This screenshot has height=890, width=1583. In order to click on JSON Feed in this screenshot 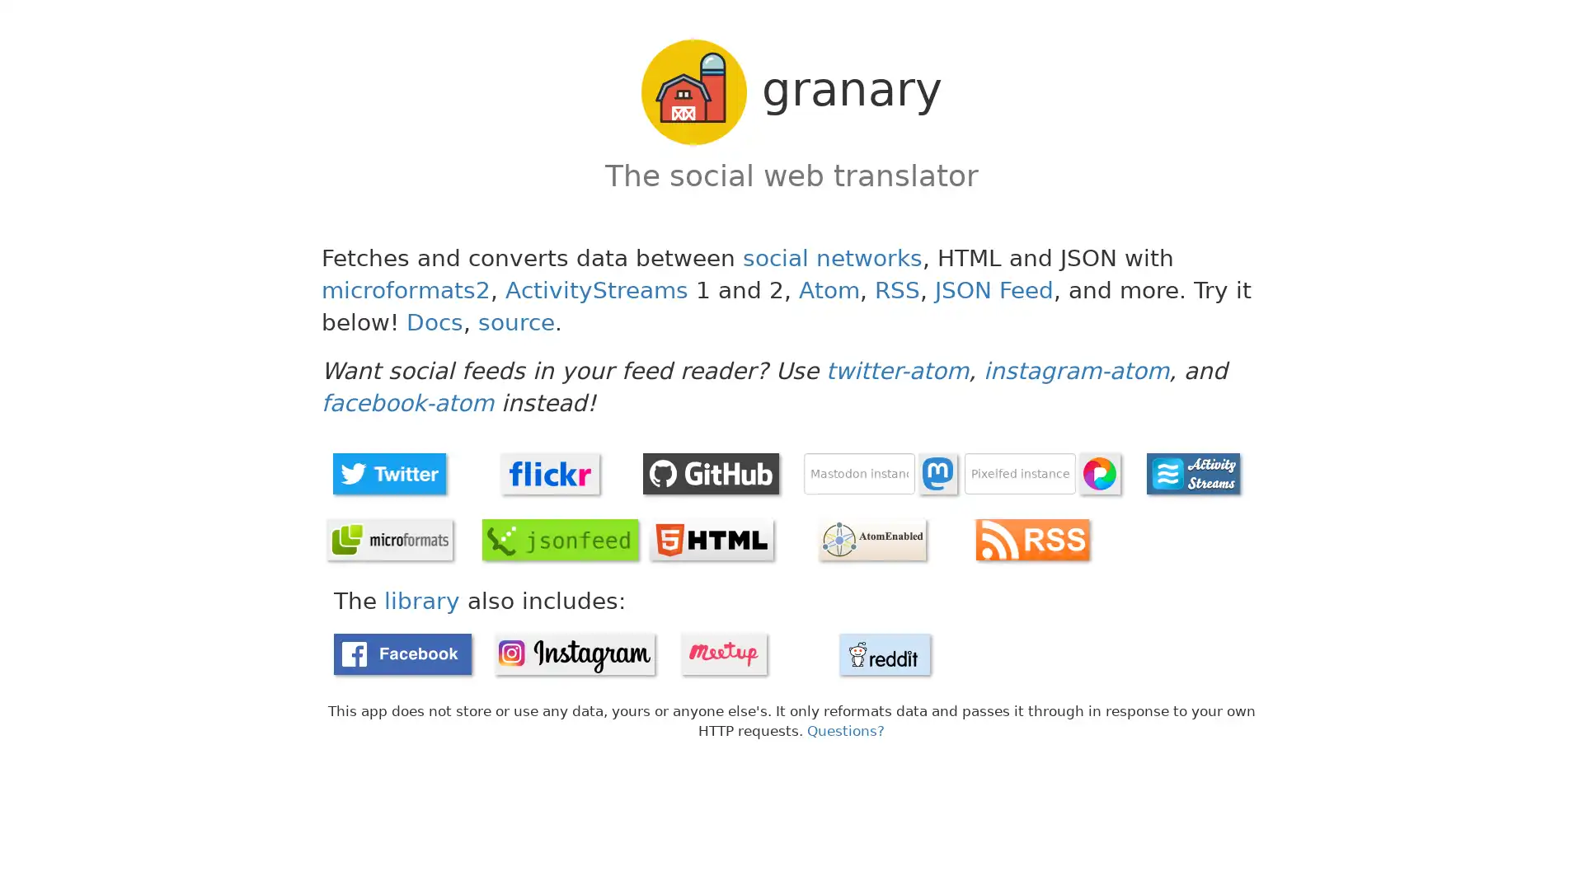, I will do `click(560, 539)`.